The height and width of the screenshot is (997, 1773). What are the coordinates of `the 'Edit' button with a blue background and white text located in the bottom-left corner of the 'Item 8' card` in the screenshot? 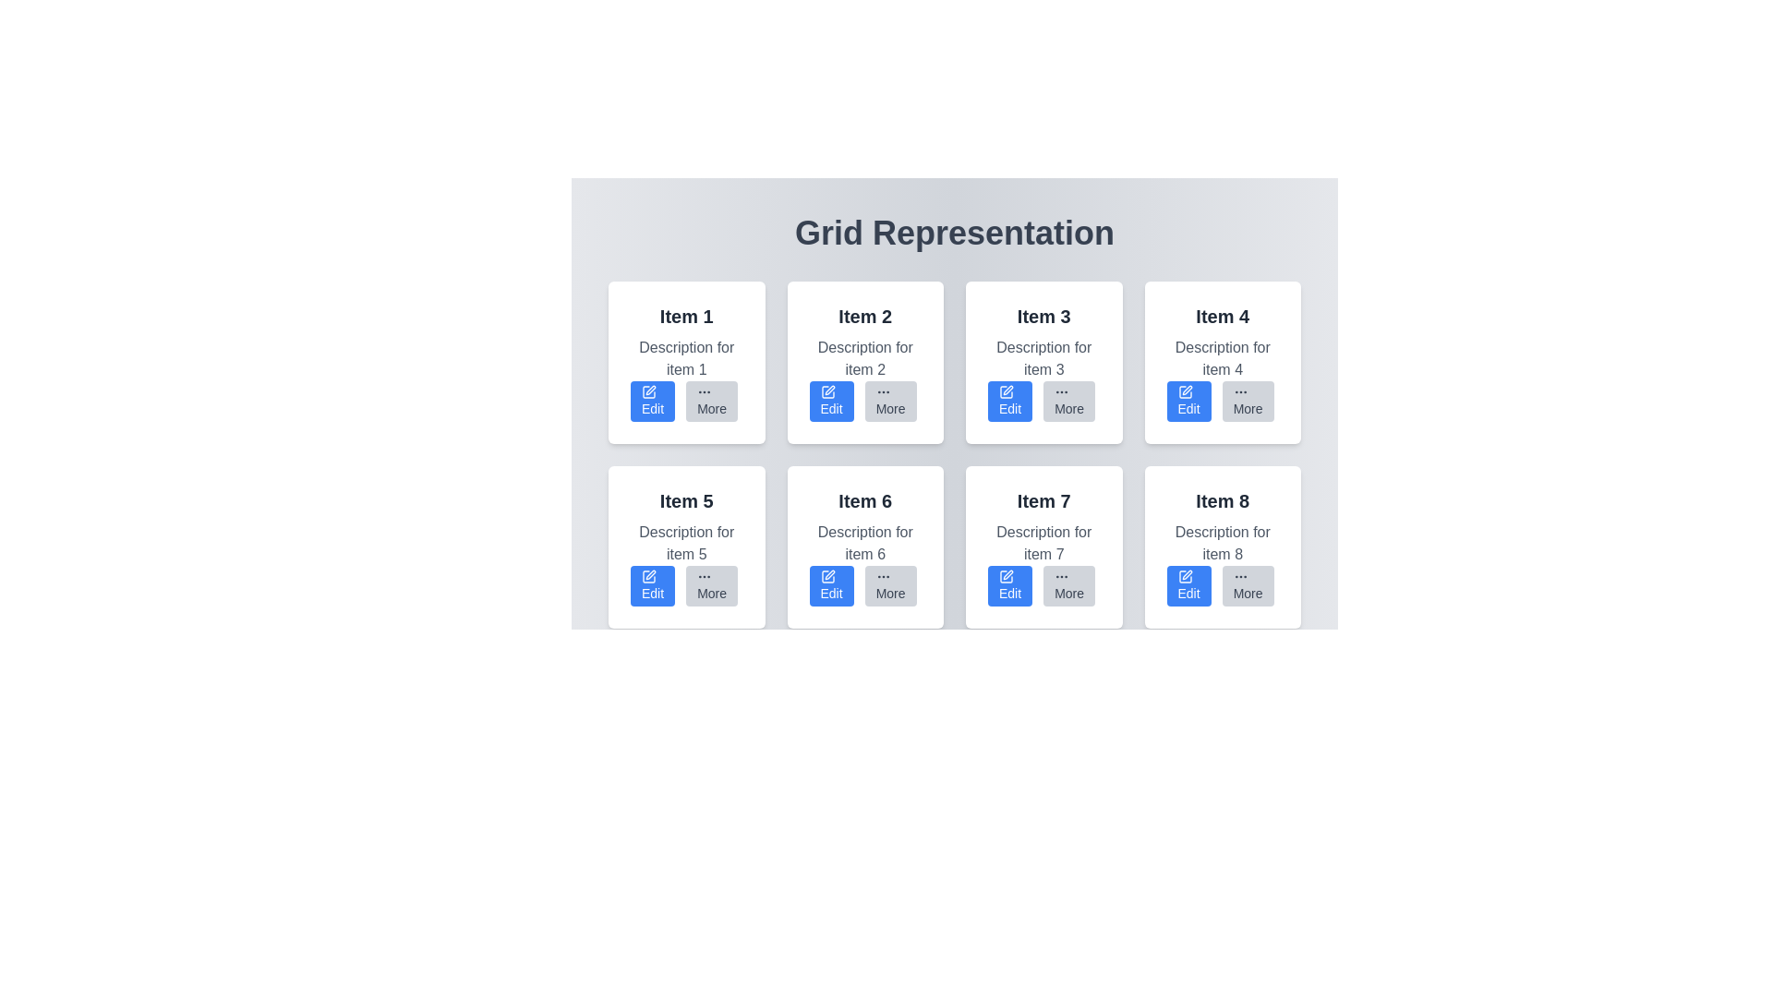 It's located at (1188, 586).